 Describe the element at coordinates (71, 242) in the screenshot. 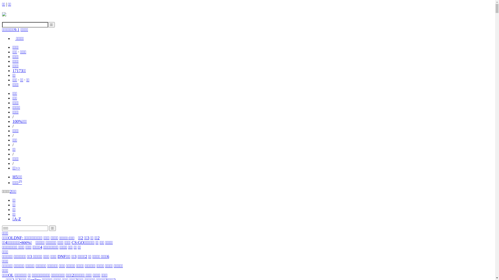

I see `'CS:GO'` at that location.